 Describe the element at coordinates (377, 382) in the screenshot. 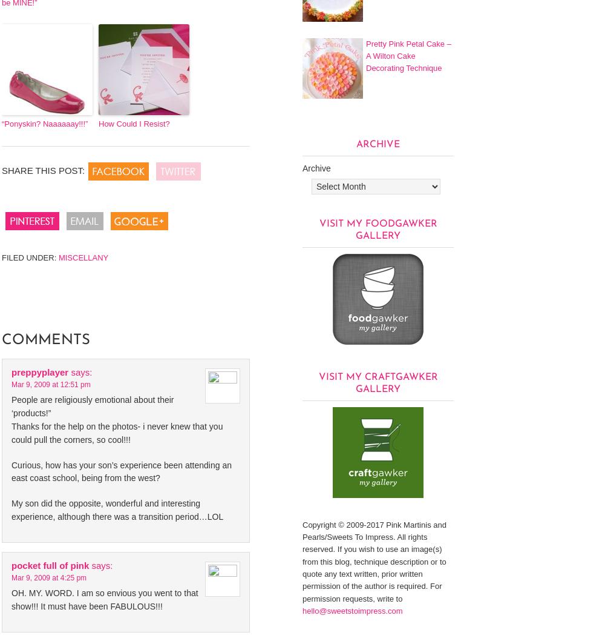

I see `'Visit My Craftgawker Gallery'` at that location.